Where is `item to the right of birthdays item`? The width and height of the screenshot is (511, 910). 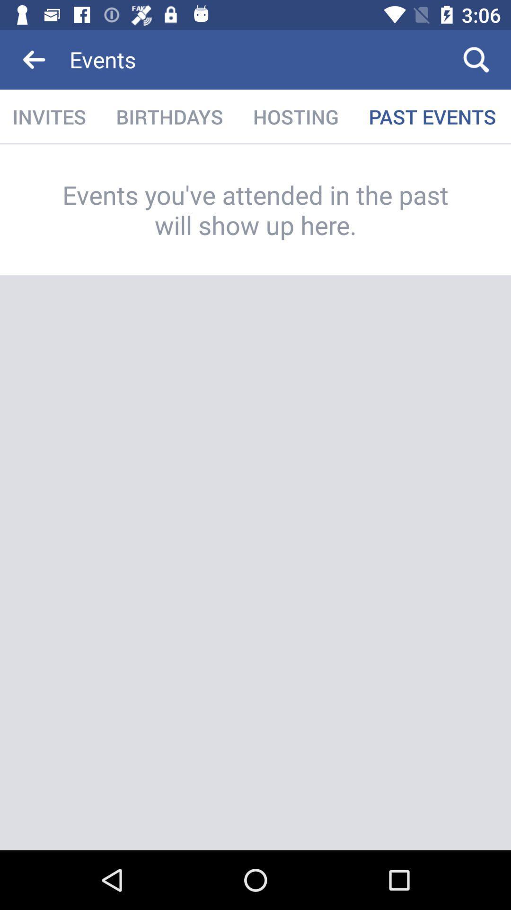
item to the right of birthdays item is located at coordinates (295, 116).